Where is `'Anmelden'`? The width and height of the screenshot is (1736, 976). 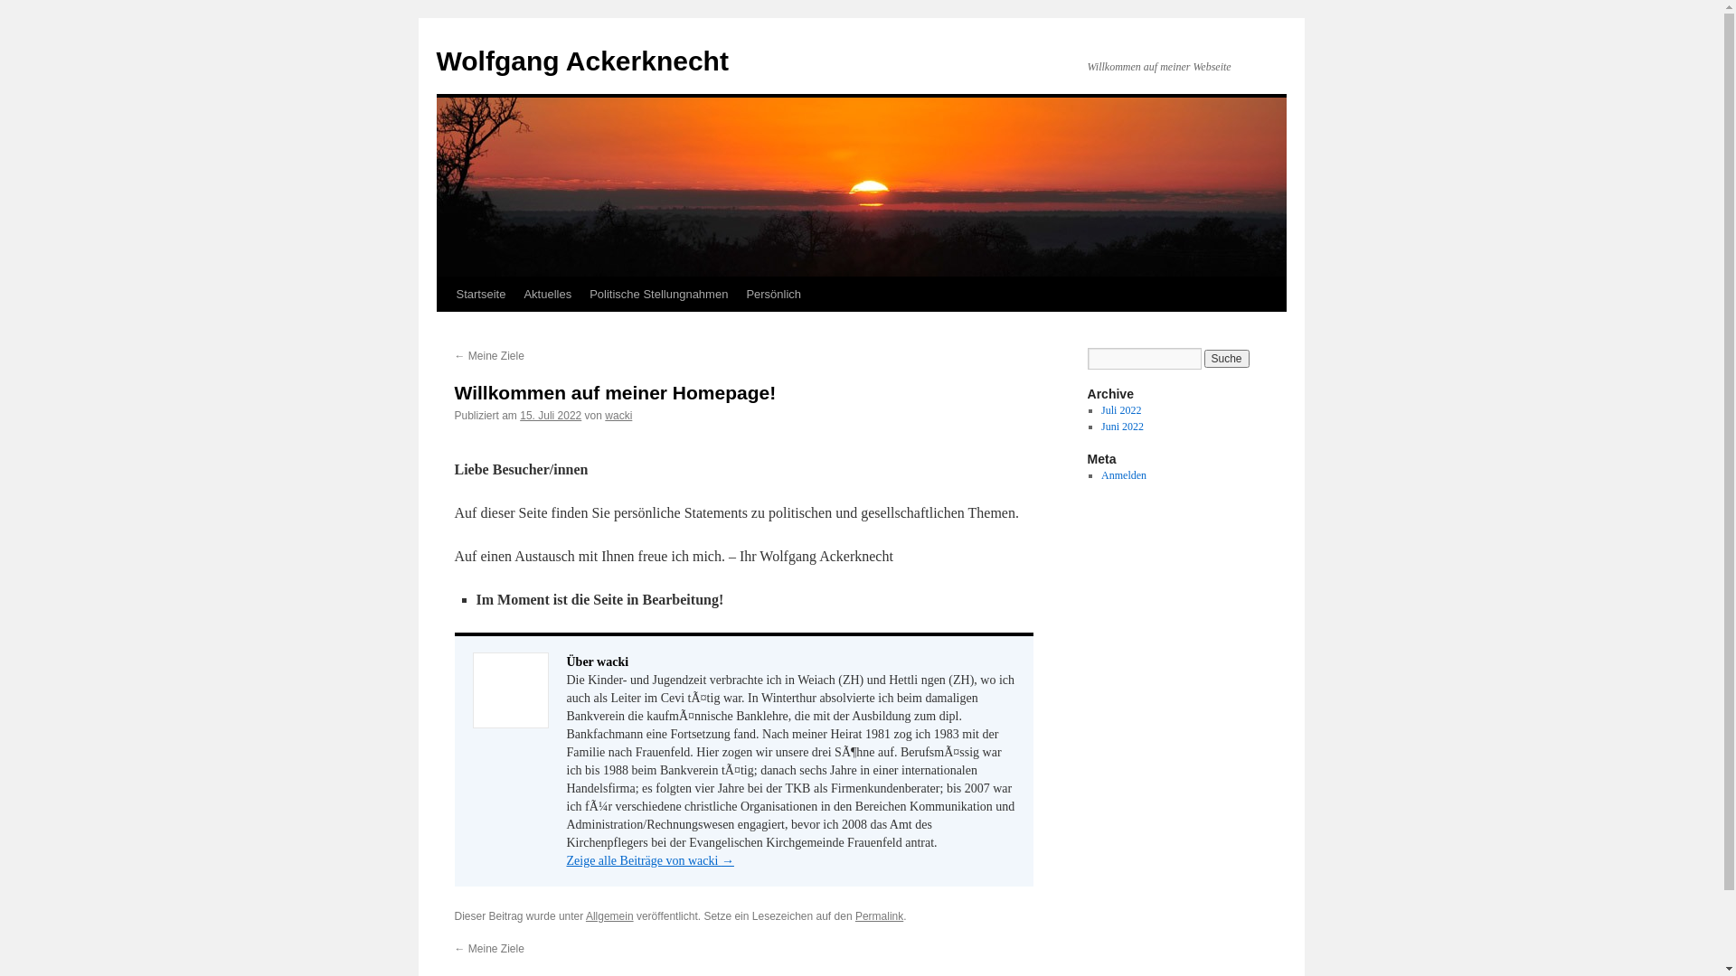 'Anmelden' is located at coordinates (1123, 474).